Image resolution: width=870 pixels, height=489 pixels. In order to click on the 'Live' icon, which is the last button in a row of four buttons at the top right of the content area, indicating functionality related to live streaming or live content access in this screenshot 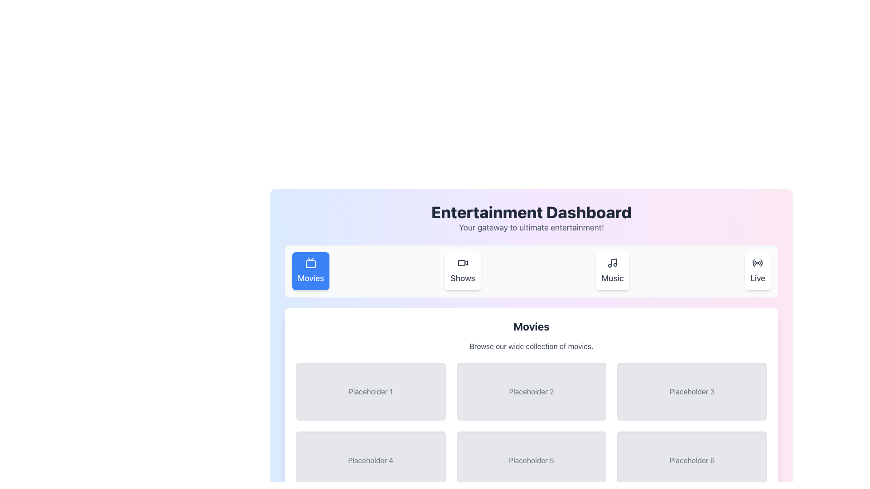, I will do `click(758, 263)`.